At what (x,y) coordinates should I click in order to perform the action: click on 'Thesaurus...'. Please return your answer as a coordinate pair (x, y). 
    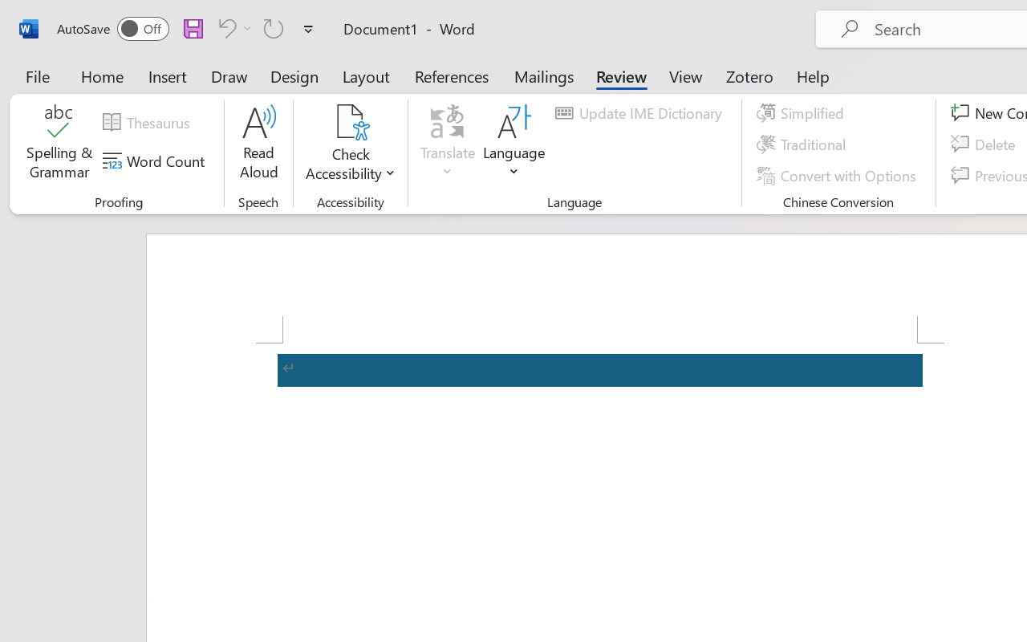
    Looking at the image, I should click on (148, 123).